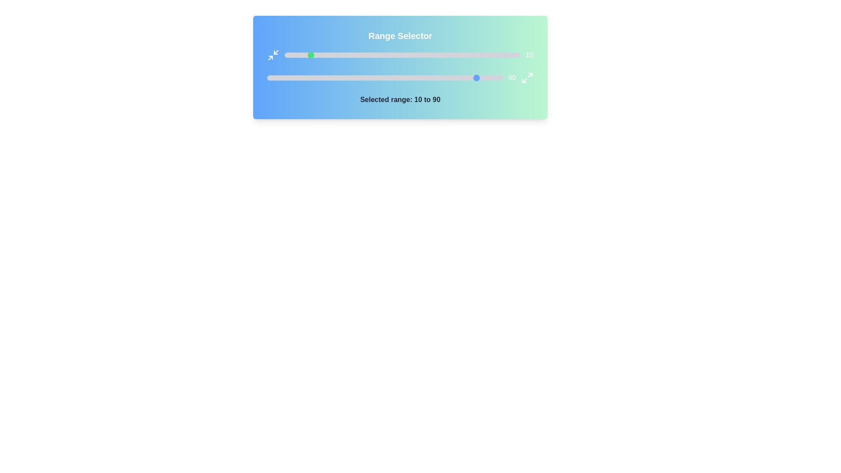 The width and height of the screenshot is (841, 473). I want to click on the maximize icon button, which is styled with white lines on a gradient background transitioning from blue to green, located at the far right of the layout containing a range slider and a text label showing the value '90', so click(527, 77).